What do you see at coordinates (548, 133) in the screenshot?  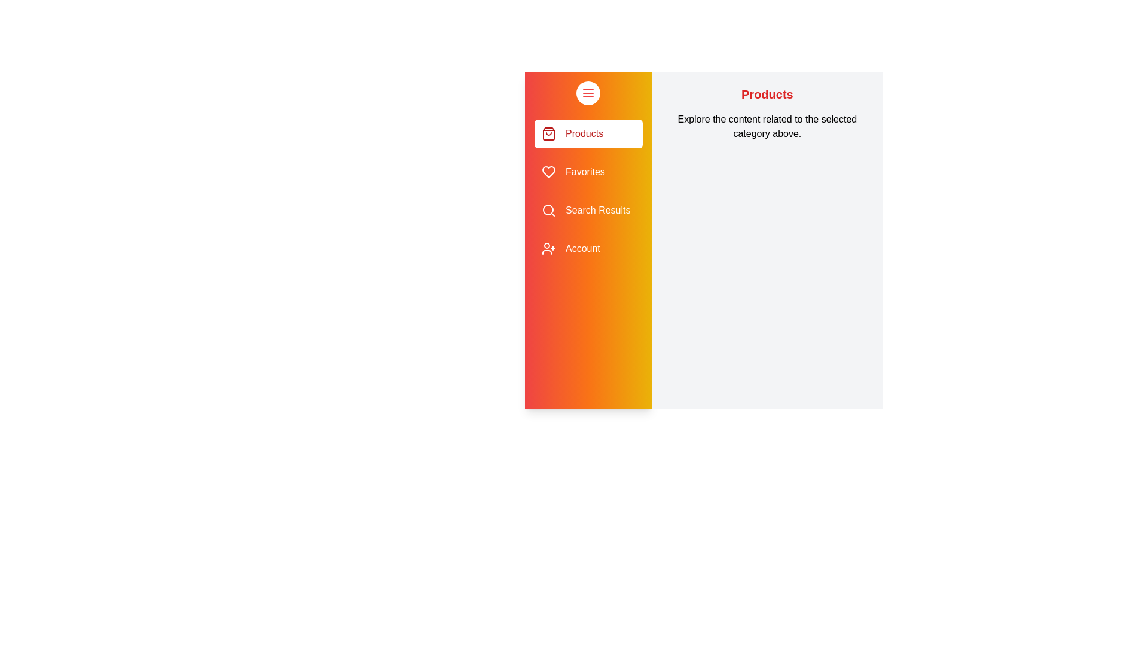 I see `the sidebar icon for Products to navigate to the corresponding section` at bounding box center [548, 133].